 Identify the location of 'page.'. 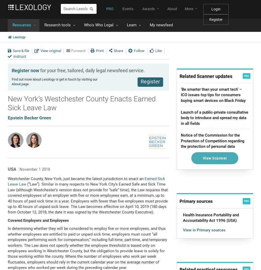
(20, 84).